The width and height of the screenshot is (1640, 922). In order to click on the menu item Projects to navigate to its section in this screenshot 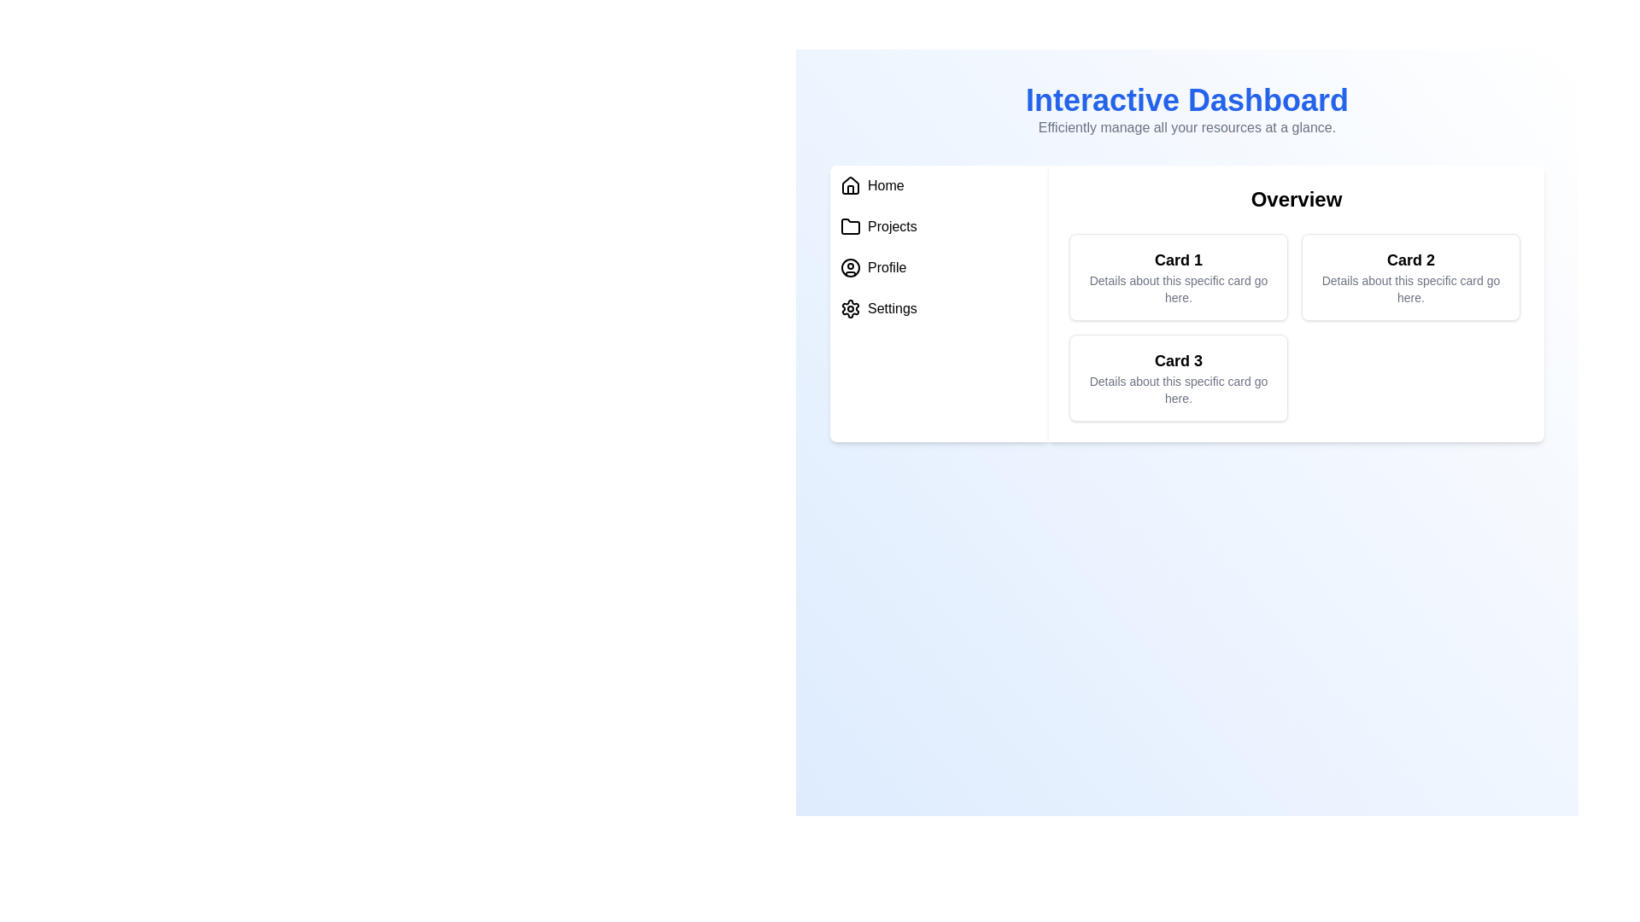, I will do `click(938, 226)`.